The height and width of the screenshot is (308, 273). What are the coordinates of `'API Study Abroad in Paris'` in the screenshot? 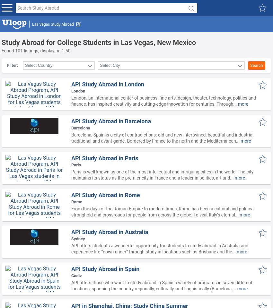 It's located at (104, 158).